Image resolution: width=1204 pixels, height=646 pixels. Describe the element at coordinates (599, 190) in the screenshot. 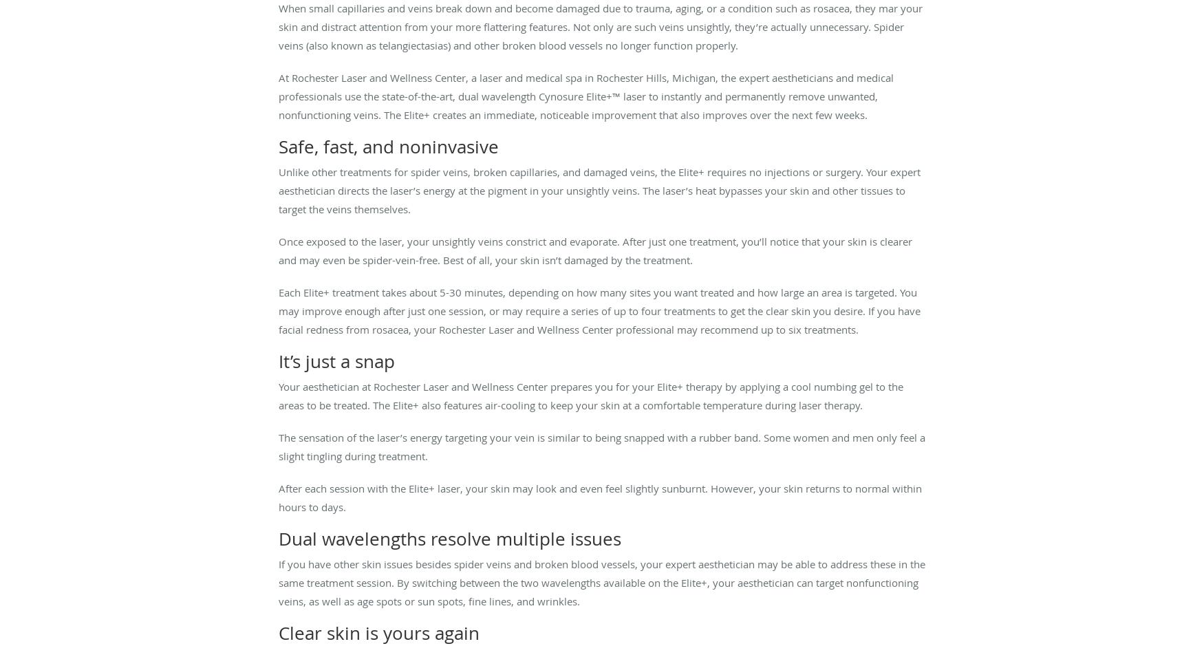

I see `'Unlike other treatments for spider veins, broken capillaries, and damaged veins, the Elite+ requires no injections or surgery. Your expert aesthetician directs the laser’s energy at the pigment in your unsightly veins. The laser’s heat bypasses your skin and other tissues to target the veins themselves.'` at that location.